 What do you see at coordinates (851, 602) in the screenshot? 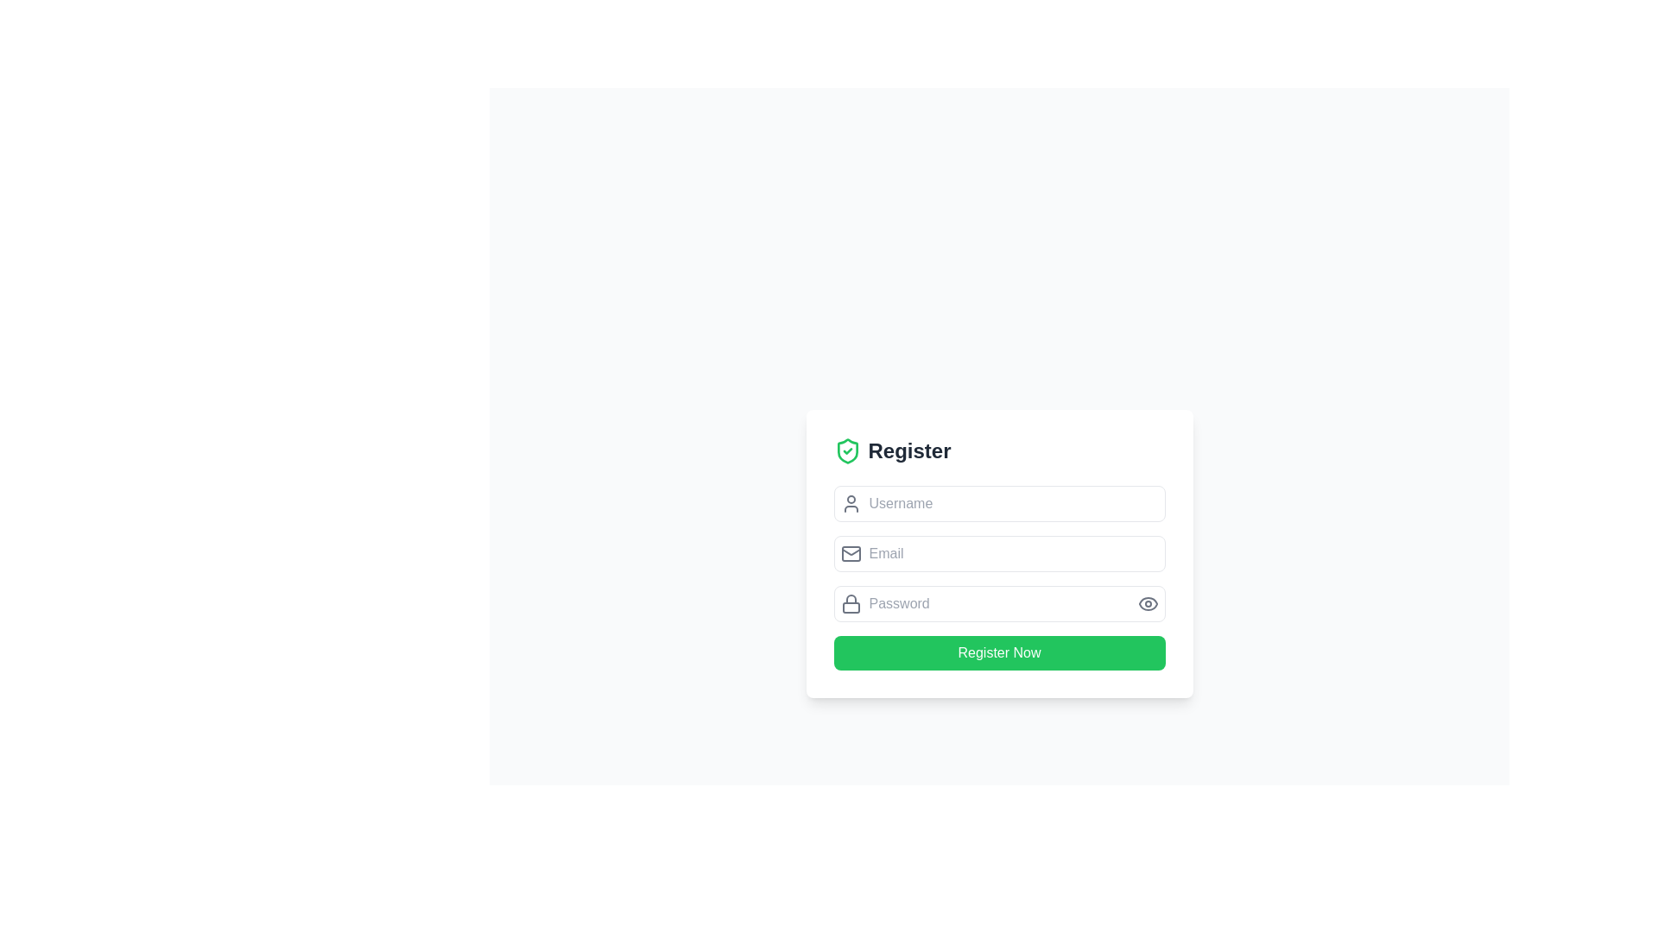
I see `the lock-shaped icon with a gray outline located inside the password input field, positioned to the left of the password text box` at bounding box center [851, 602].